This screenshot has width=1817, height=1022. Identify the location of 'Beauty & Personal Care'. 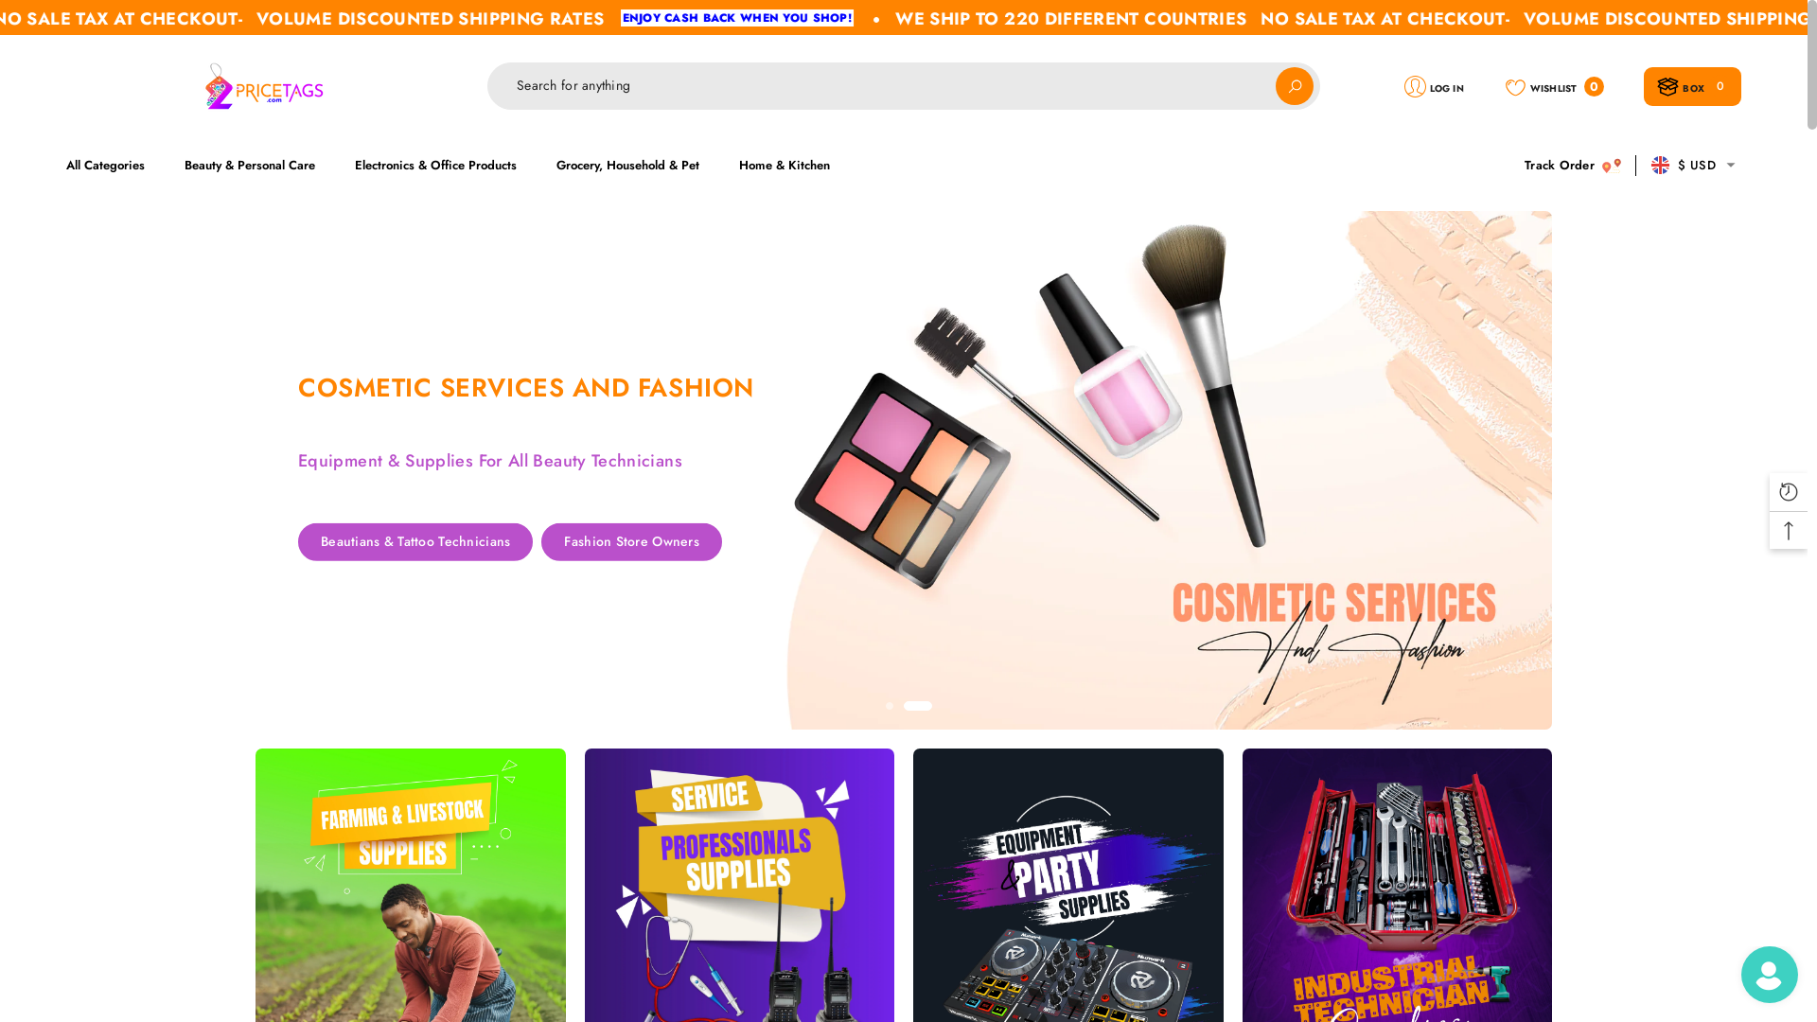
(249, 164).